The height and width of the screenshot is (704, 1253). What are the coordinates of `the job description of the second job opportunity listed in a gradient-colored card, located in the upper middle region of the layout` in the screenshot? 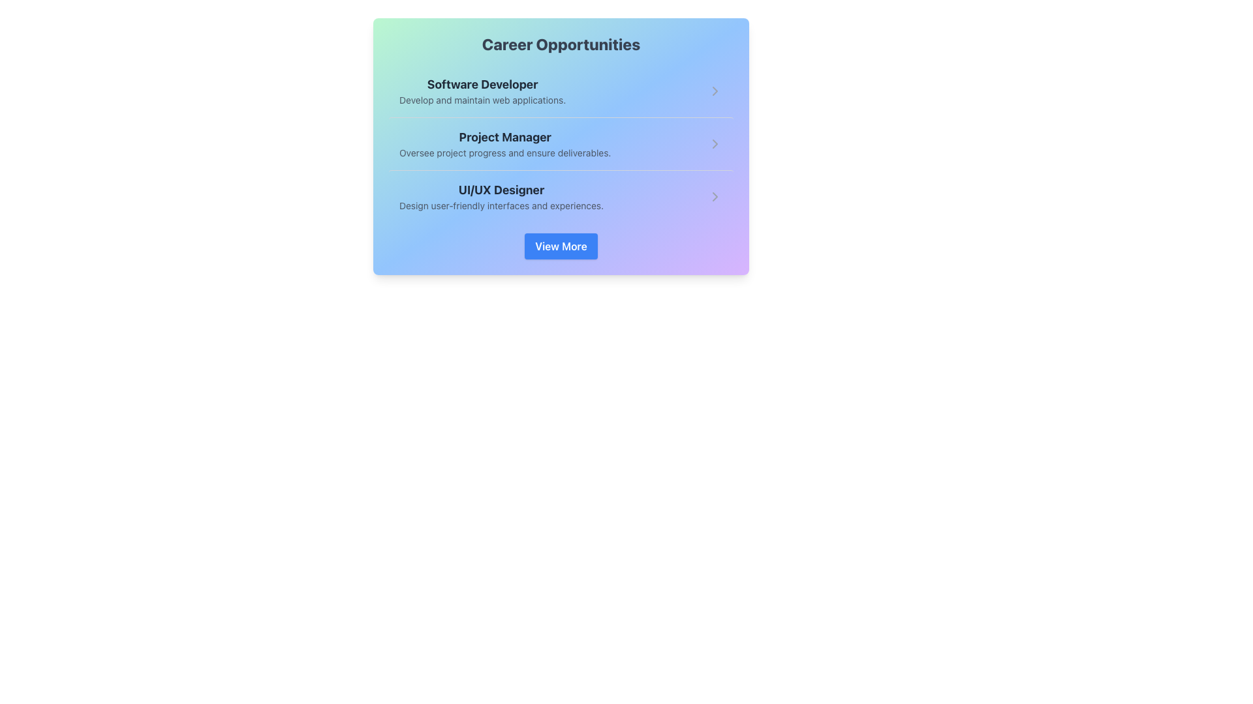 It's located at (561, 146).